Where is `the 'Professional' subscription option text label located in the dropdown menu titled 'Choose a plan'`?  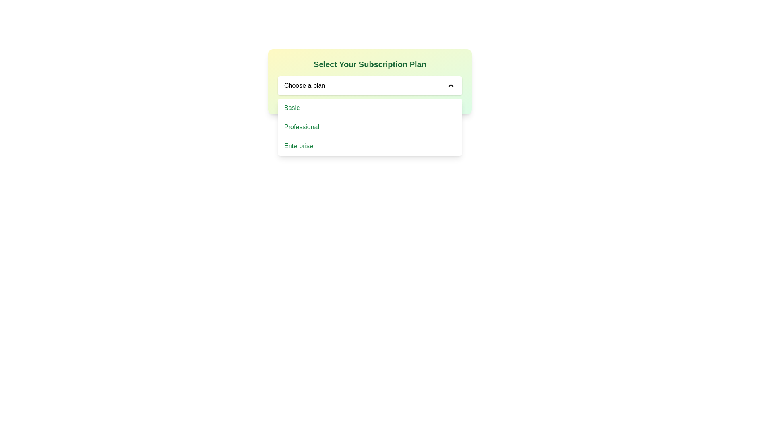
the 'Professional' subscription option text label located in the dropdown menu titled 'Choose a plan' is located at coordinates (301, 127).